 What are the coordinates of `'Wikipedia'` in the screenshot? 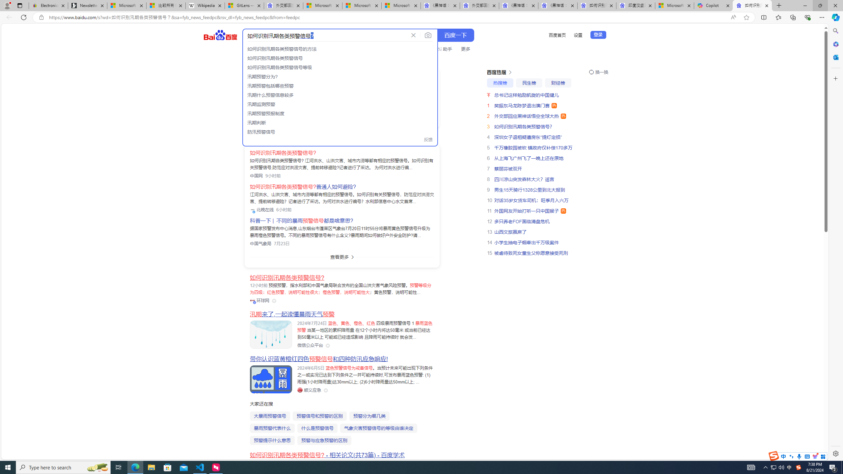 It's located at (205, 5).